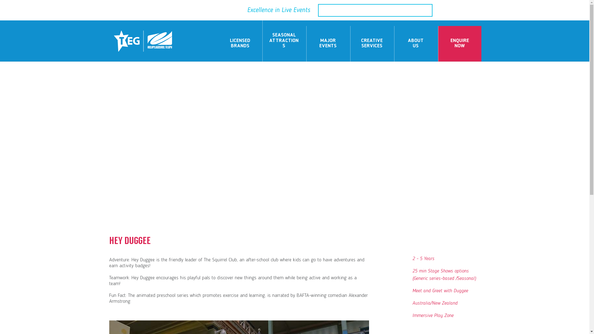  Describe the element at coordinates (416, 43) in the screenshot. I see `'ABOUT US'` at that location.